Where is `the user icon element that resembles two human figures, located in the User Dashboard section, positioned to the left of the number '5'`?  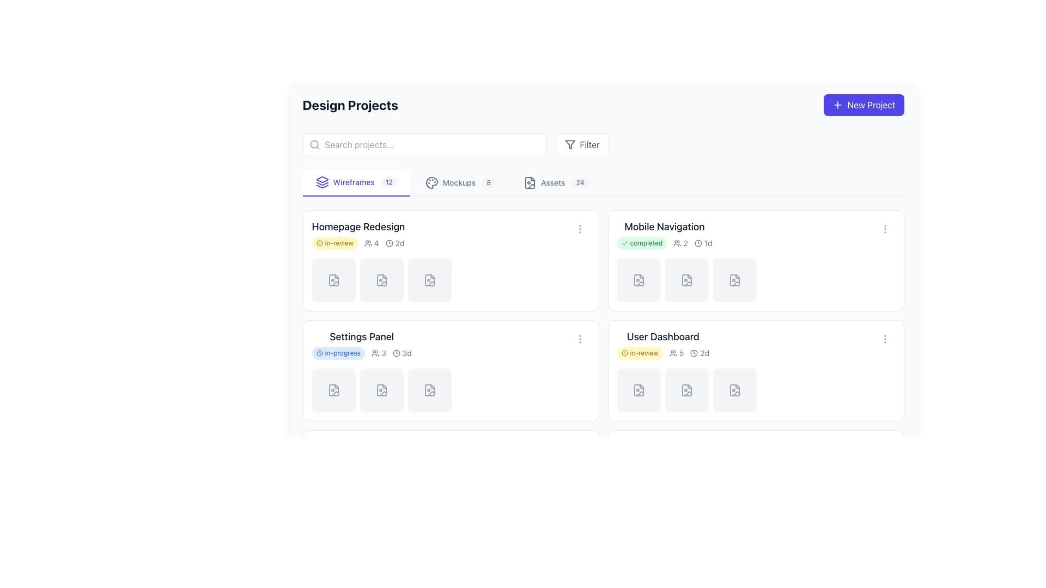 the user icon element that resembles two human figures, located in the User Dashboard section, positioned to the left of the number '5' is located at coordinates (672, 353).